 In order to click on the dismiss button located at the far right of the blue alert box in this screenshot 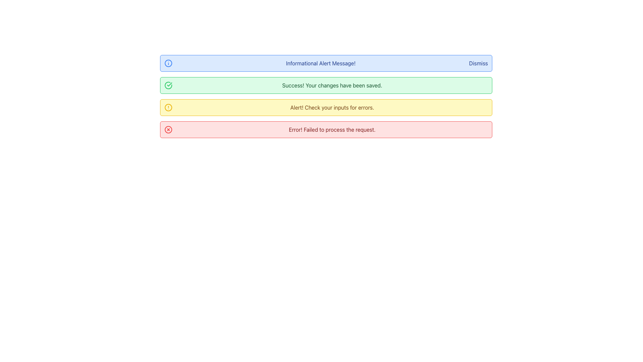, I will do `click(478, 63)`.